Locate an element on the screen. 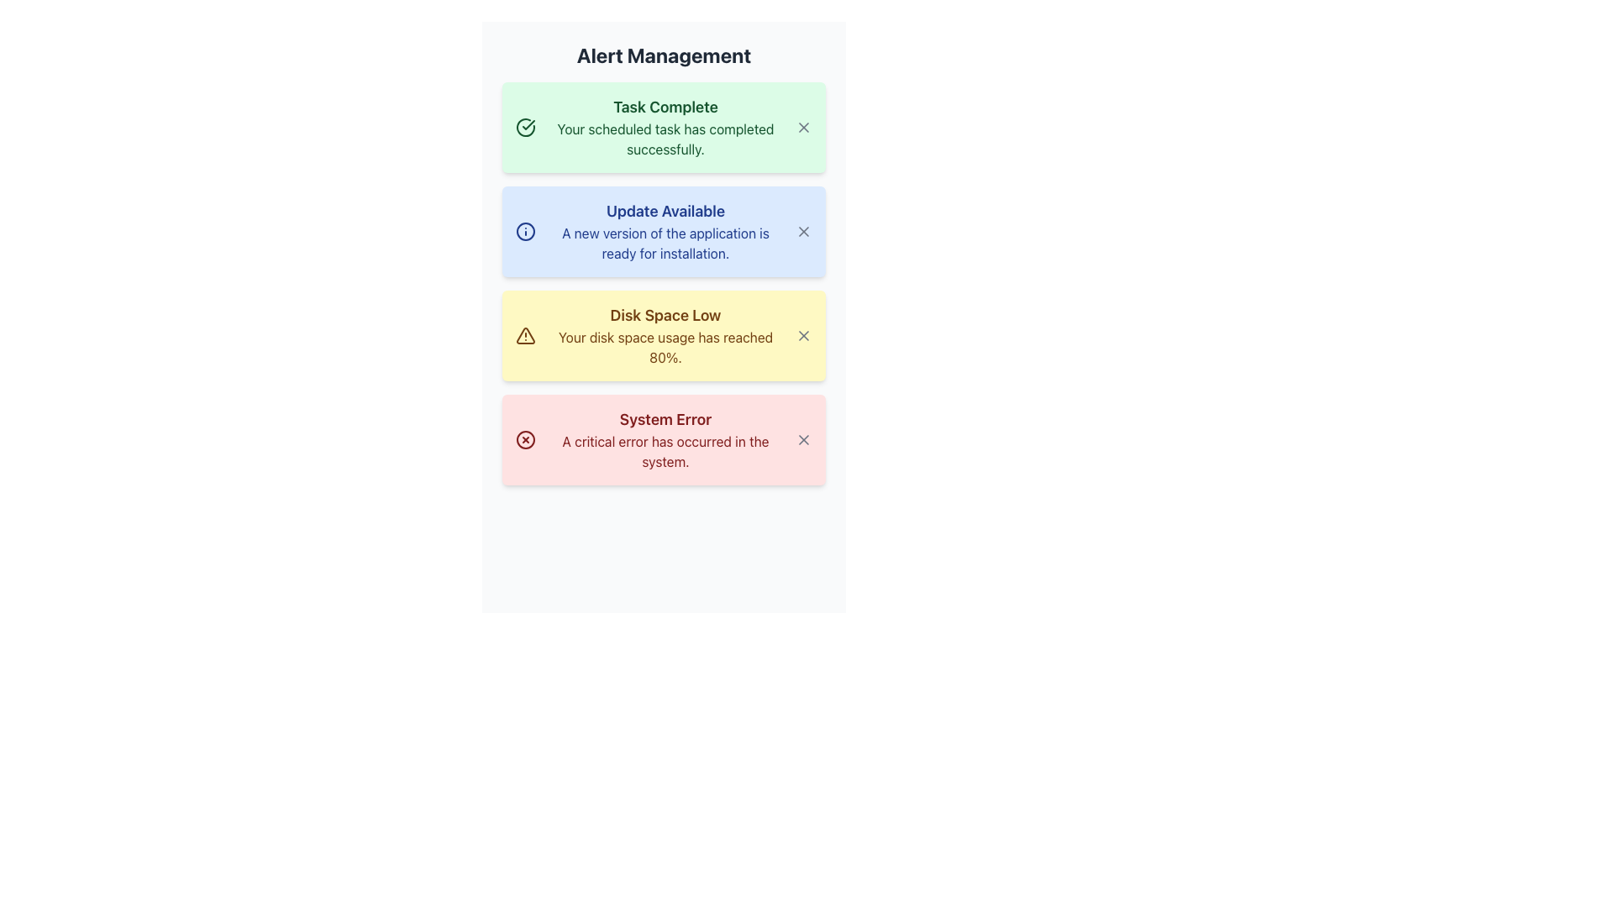 This screenshot has height=907, width=1613. the Notification Card with a yellow background and the title 'Disk Space Low' that is positioned as the third item in the vertical stack of notifications under 'Alert Management' is located at coordinates (663, 336).